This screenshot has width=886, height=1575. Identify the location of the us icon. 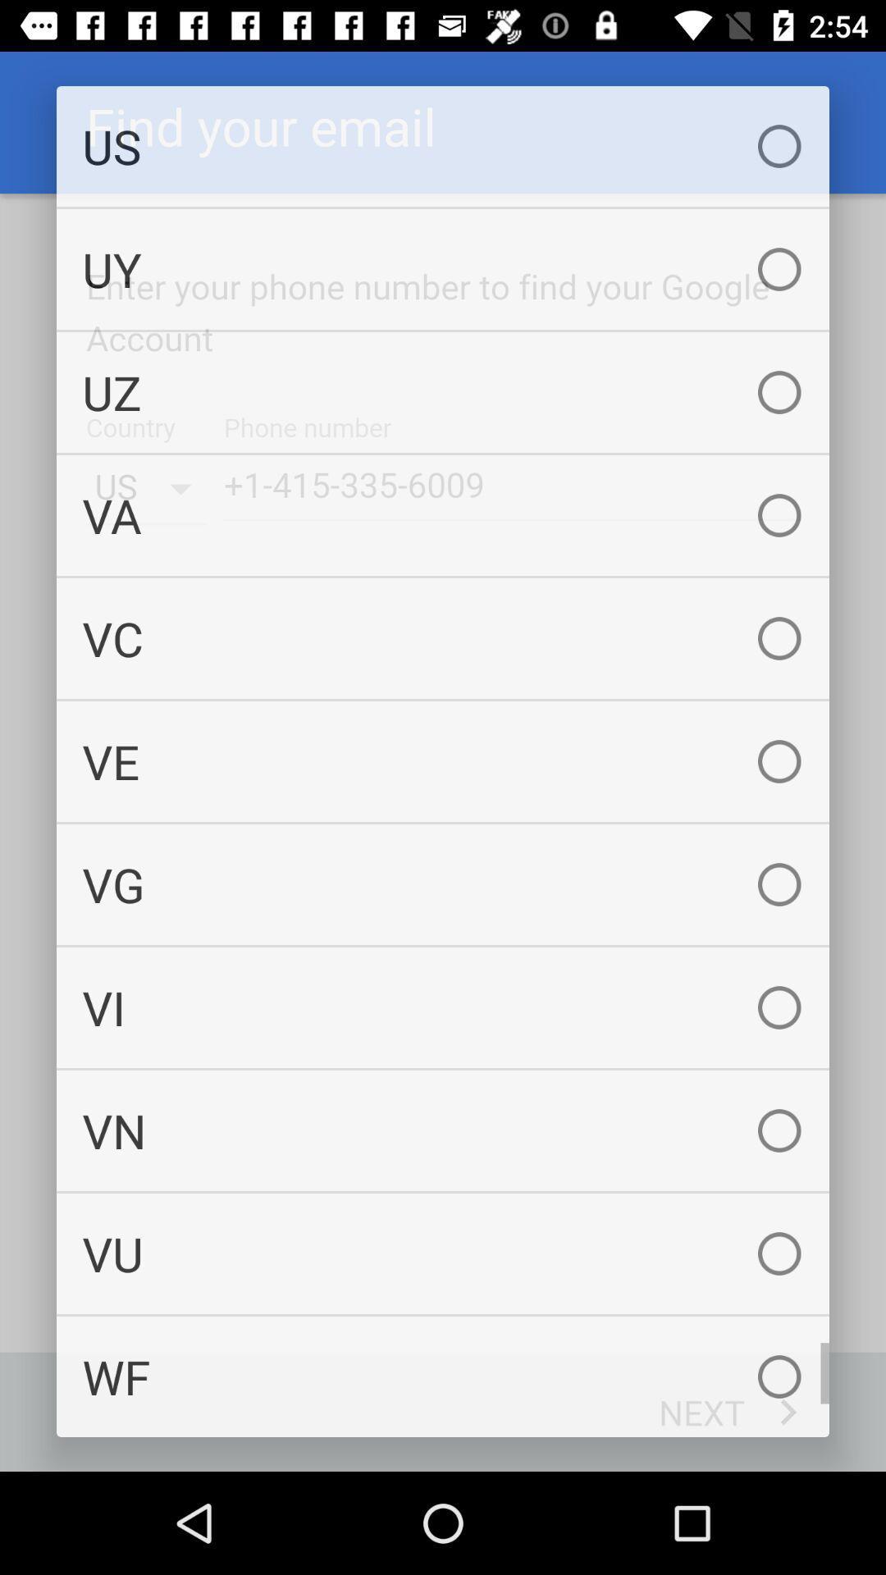
(443, 146).